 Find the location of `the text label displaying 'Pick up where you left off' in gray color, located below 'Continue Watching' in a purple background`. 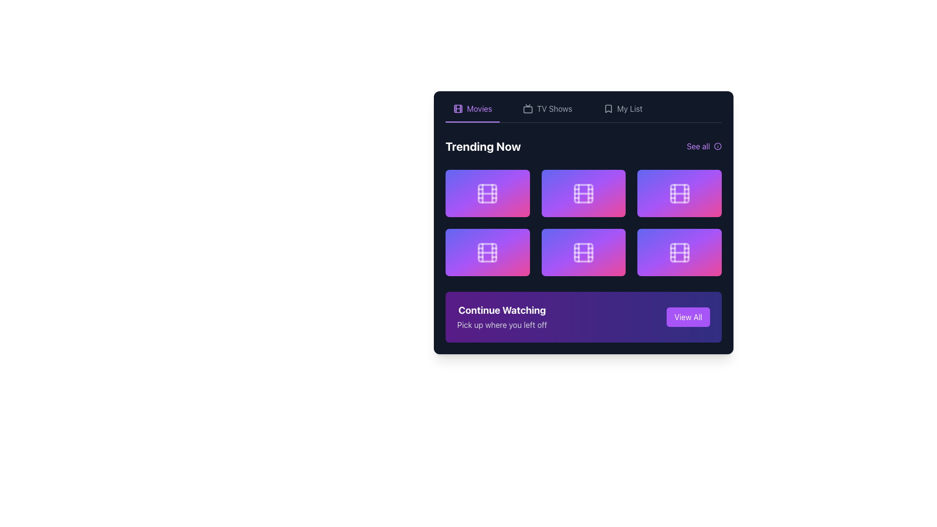

the text label displaying 'Pick up where you left off' in gray color, located below 'Continue Watching' in a purple background is located at coordinates (502, 325).